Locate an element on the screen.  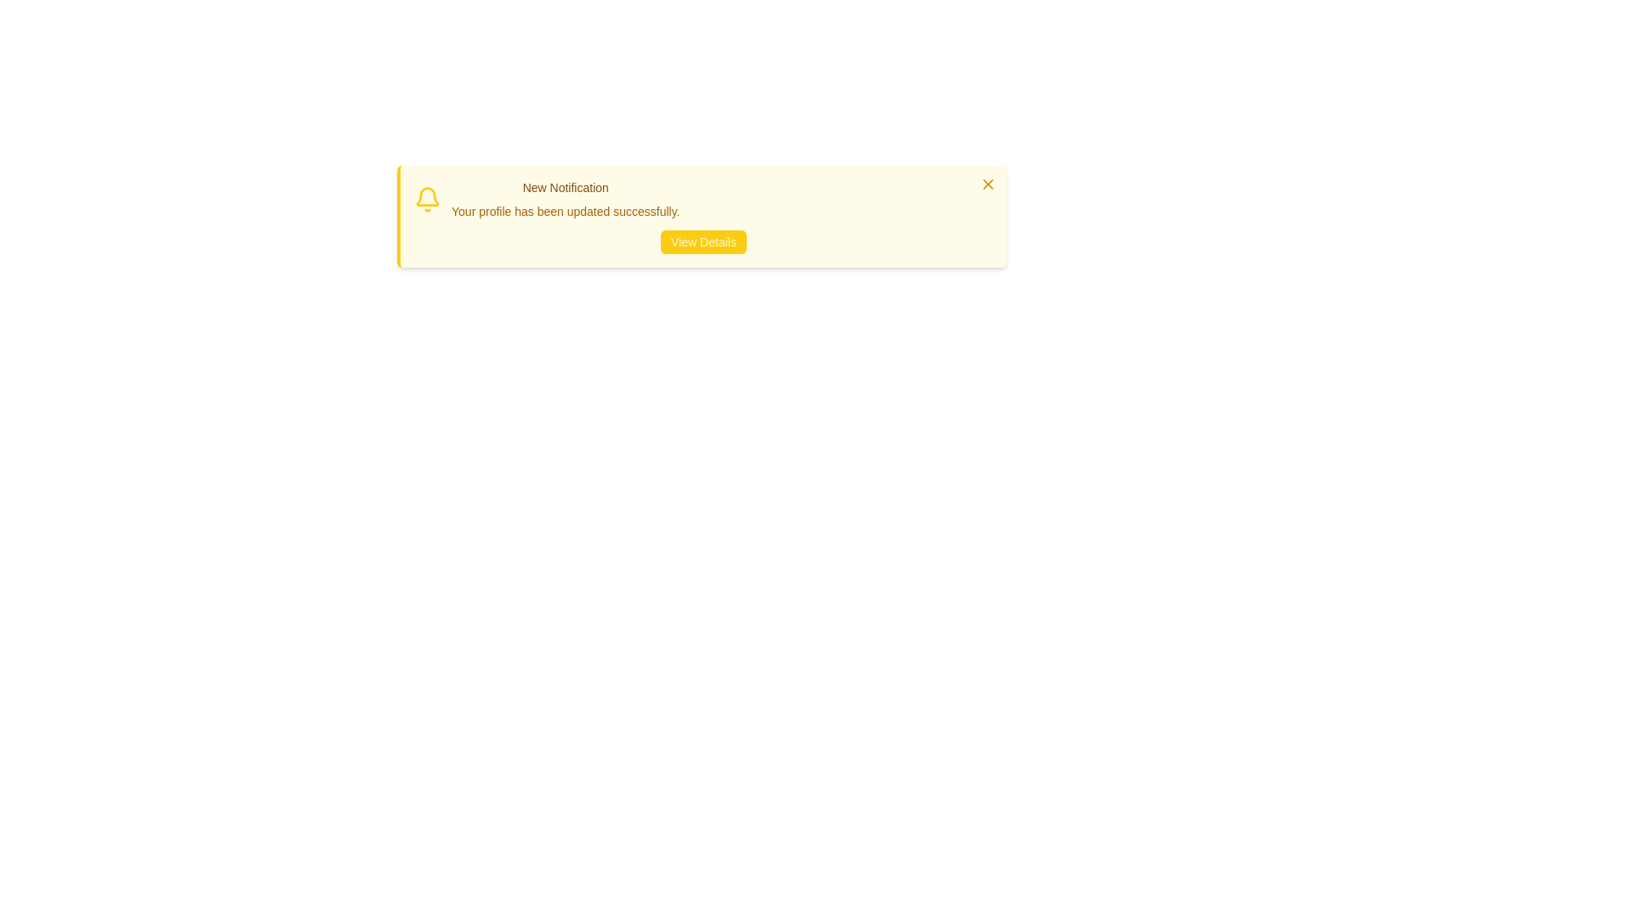
'View Details' button to access detailed information is located at coordinates (703, 242).